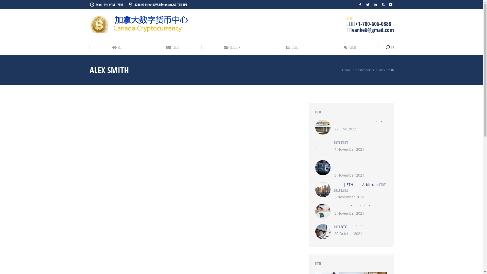  Describe the element at coordinates (360, 5) in the screenshot. I see `'Facebook page opens in new window'` at that location.